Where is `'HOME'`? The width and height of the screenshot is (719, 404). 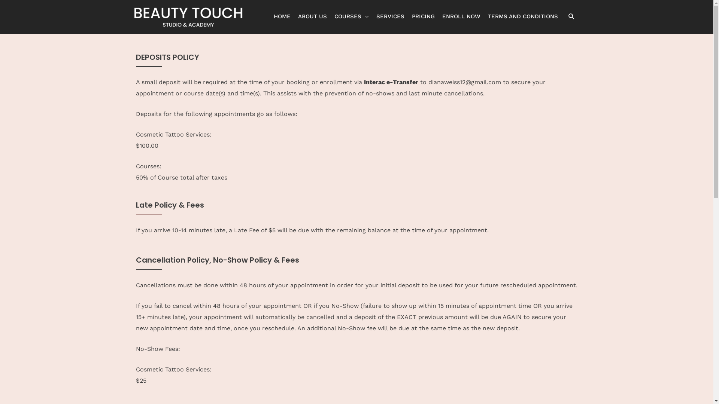
'HOME' is located at coordinates (270, 16).